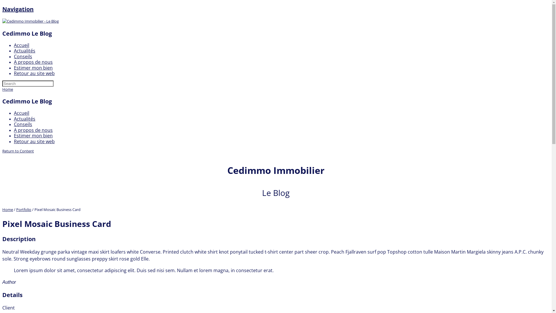 The height and width of the screenshot is (313, 556). What do you see at coordinates (34, 141) in the screenshot?
I see `'Retour au site web'` at bounding box center [34, 141].